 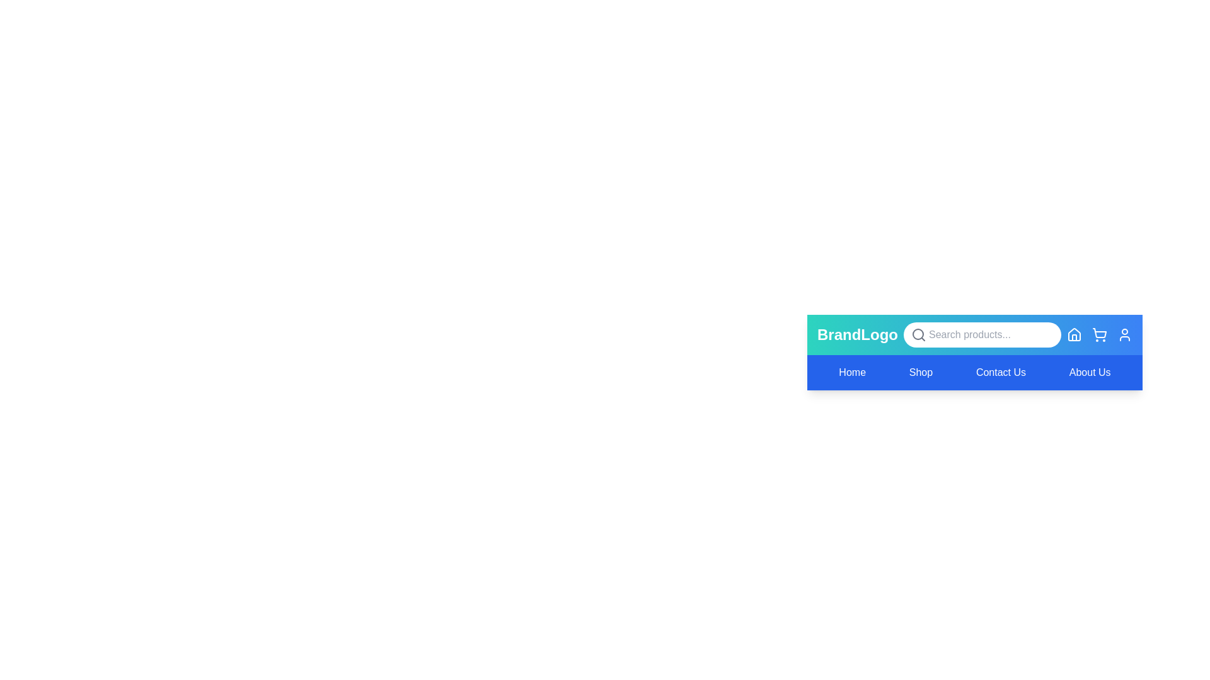 What do you see at coordinates (1000, 371) in the screenshot?
I see `the navigation menu item Contact Us` at bounding box center [1000, 371].